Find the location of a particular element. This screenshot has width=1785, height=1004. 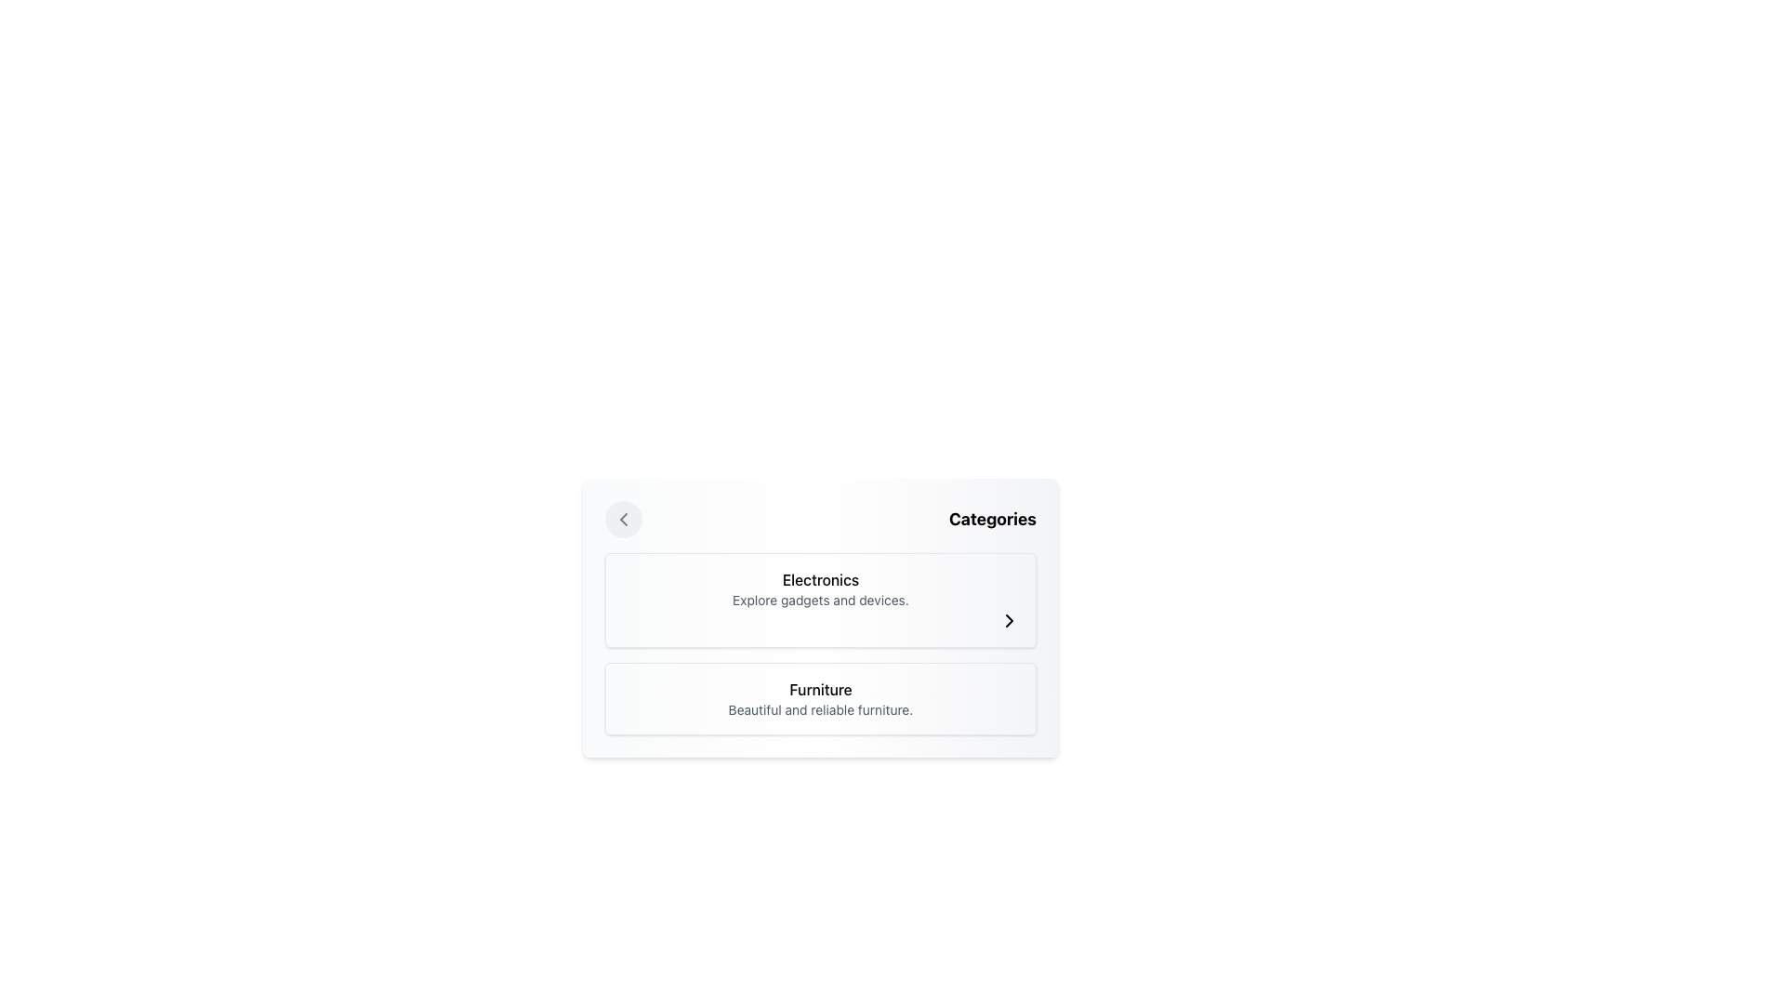

the 'Furniture' text label located in the navigation menu, which is positioned below the 'Electronics' card and is the topmost text element within its card is located at coordinates (820, 689).